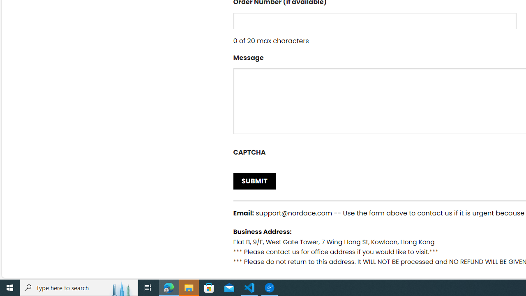  I want to click on 'Submit', so click(254, 180).